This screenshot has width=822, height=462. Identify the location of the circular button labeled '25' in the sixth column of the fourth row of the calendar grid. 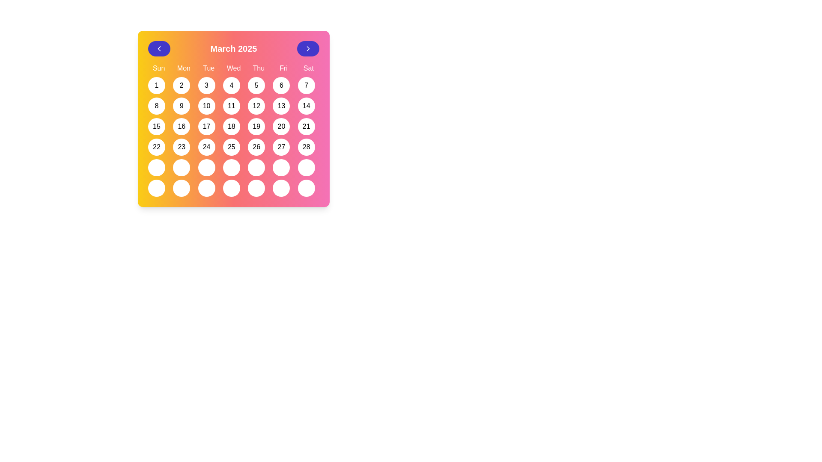
(231, 146).